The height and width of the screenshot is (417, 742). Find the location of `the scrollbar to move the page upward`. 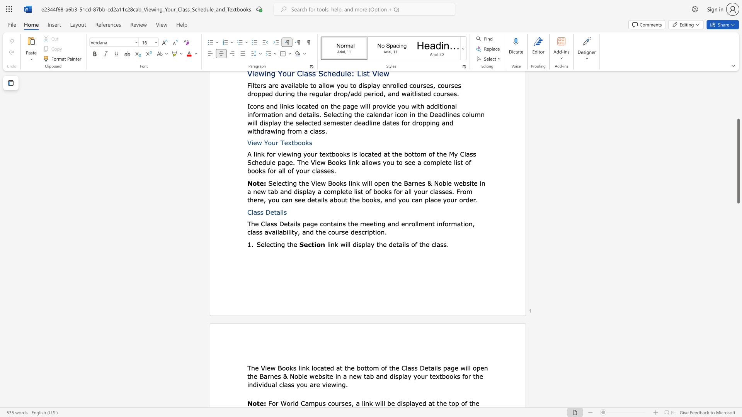

the scrollbar to move the page upward is located at coordinates (738, 135).